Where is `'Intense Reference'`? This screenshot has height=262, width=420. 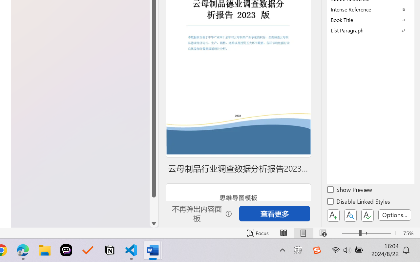
'Intense Reference' is located at coordinates (371, 9).